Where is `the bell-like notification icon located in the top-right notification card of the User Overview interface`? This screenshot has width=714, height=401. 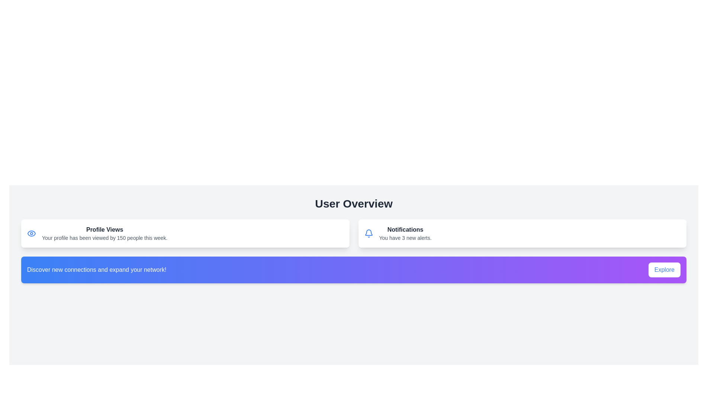 the bell-like notification icon located in the top-right notification card of the User Overview interface is located at coordinates (369, 232).